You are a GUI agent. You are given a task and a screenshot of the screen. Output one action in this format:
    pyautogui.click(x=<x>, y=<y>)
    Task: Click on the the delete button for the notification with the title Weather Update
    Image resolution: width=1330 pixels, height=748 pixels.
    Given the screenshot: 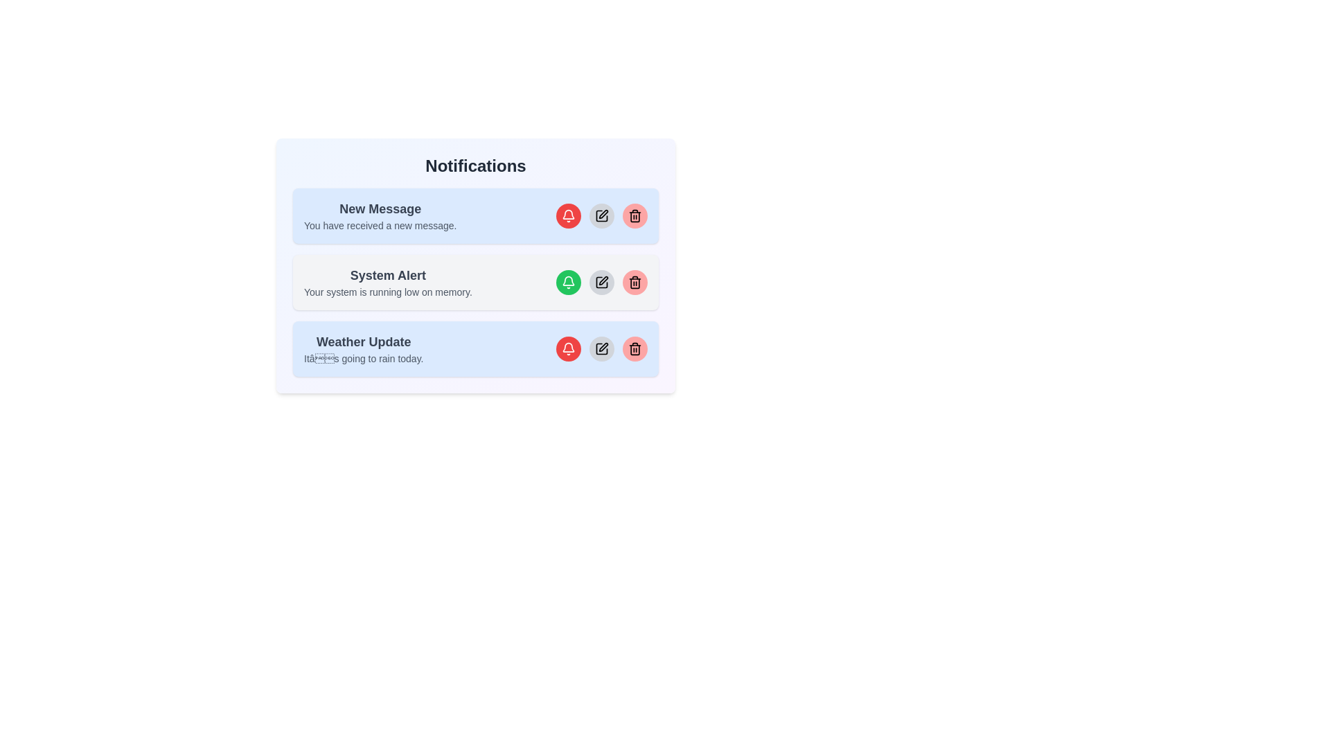 What is the action you would take?
    pyautogui.click(x=634, y=348)
    